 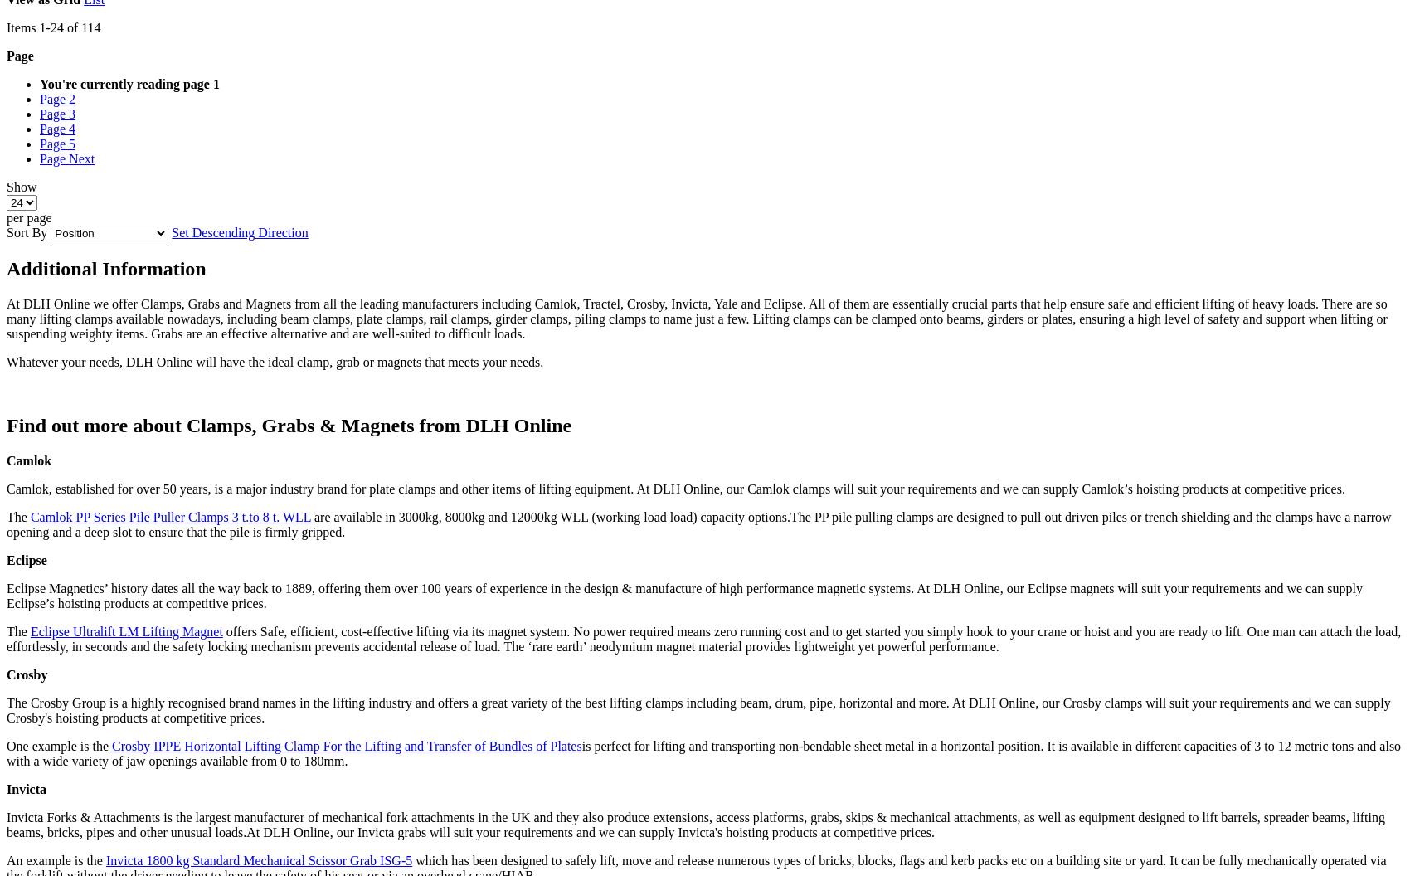 What do you see at coordinates (683, 596) in the screenshot?
I see `'Eclipse Magnetics’ history dates all the way back to 1889, offering them over 100 years of experience in the design & manufacture of high performance magnetic systems. At DLH Online, our Eclipse magnets will suit your requirements and we can supply Eclipse’s hoisting products at competitive prices.'` at bounding box center [683, 596].